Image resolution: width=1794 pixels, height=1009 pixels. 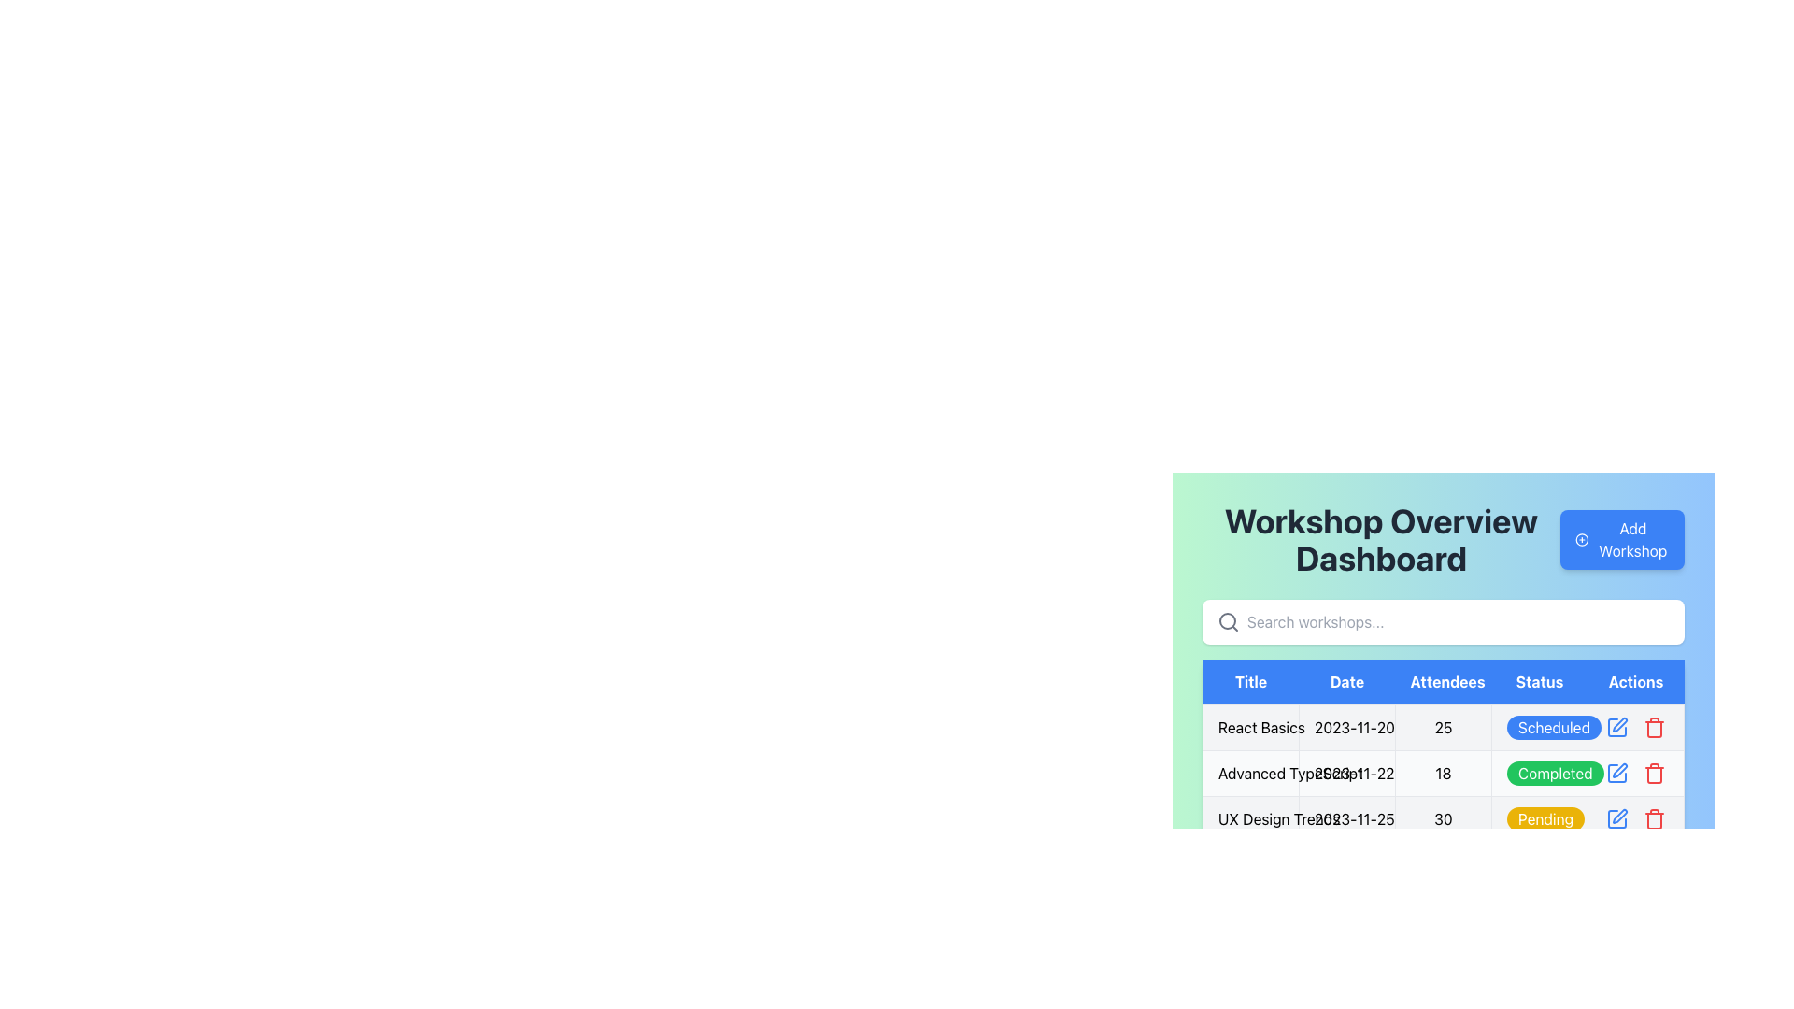 What do you see at coordinates (1346, 817) in the screenshot?
I see `the text label displaying '2023-11-25' in the 'Date' column of the 'UX Design Trends' row` at bounding box center [1346, 817].